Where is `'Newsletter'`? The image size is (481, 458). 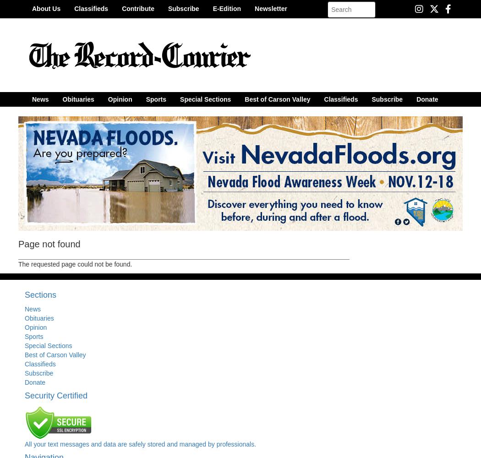 'Newsletter' is located at coordinates (254, 9).